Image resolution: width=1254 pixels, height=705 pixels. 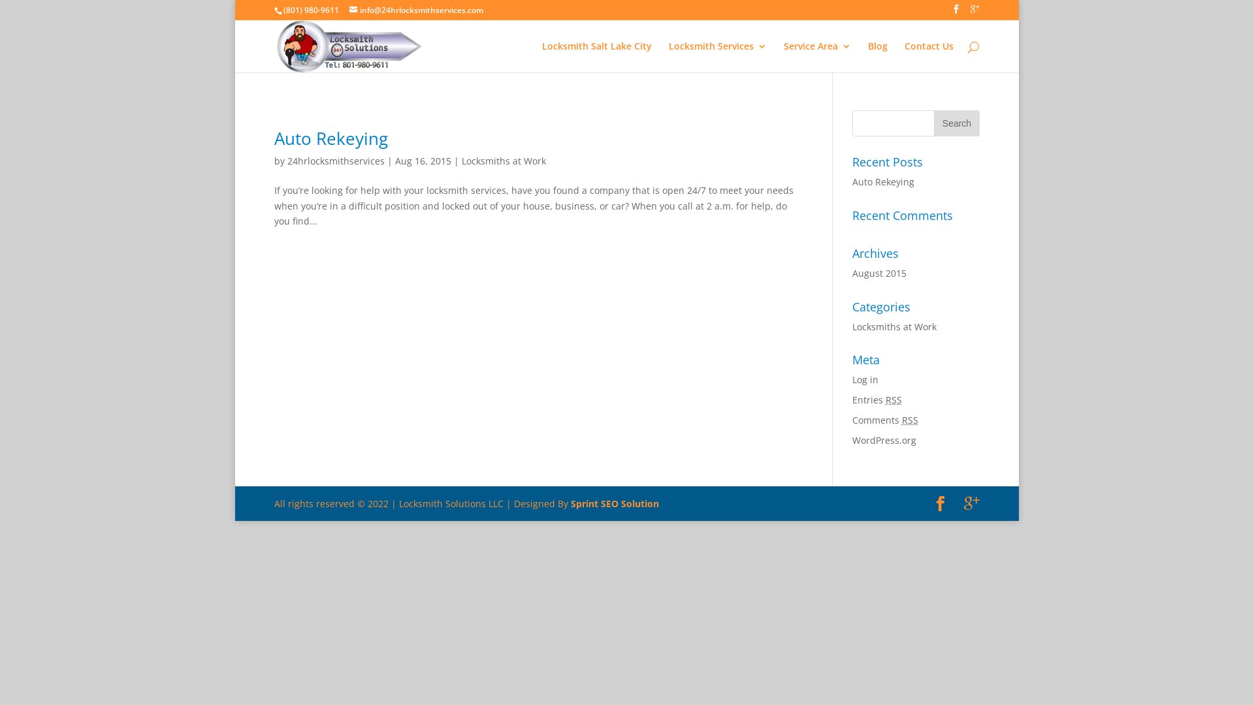 What do you see at coordinates (956, 123) in the screenshot?
I see `'Search'` at bounding box center [956, 123].